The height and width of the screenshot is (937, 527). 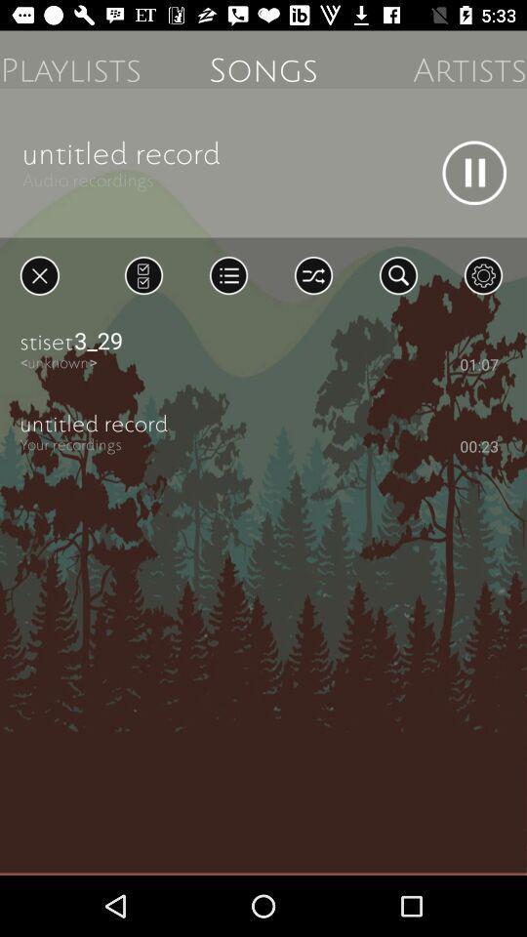 I want to click on the settings icon, so click(x=482, y=274).